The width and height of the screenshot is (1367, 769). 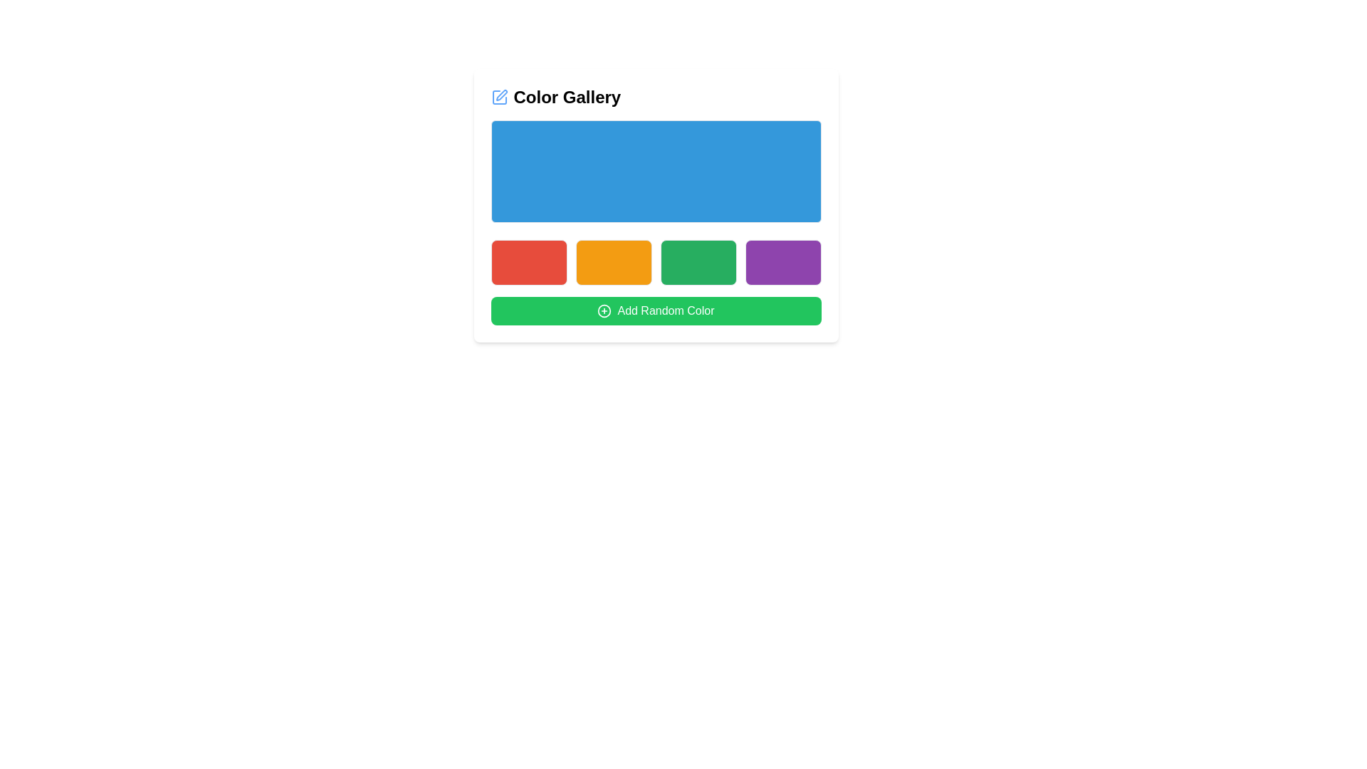 I want to click on the circular icon with a plus symbol inside it, located within the green button labeled 'Add Random Color' at the bottom center of the 'Color Gallery' card layout, so click(x=604, y=310).